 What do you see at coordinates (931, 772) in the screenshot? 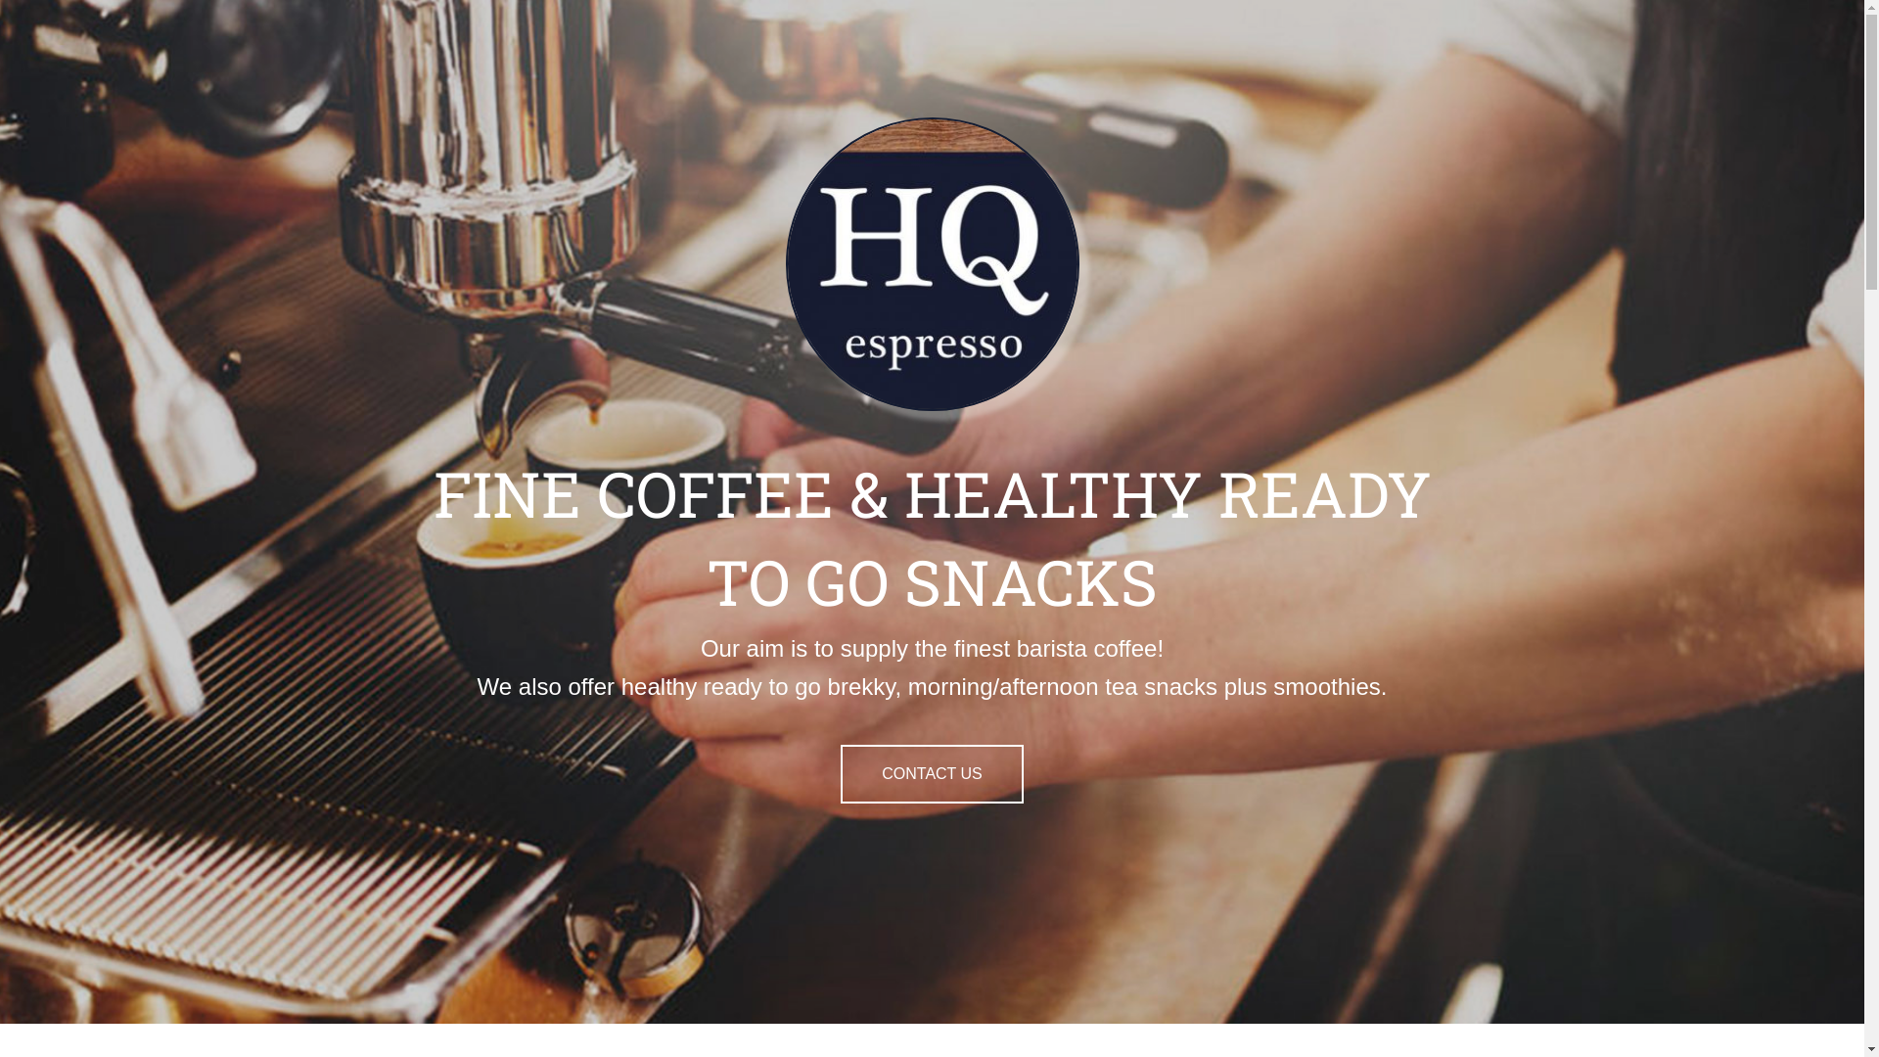
I see `'CONTACT US'` at bounding box center [931, 772].